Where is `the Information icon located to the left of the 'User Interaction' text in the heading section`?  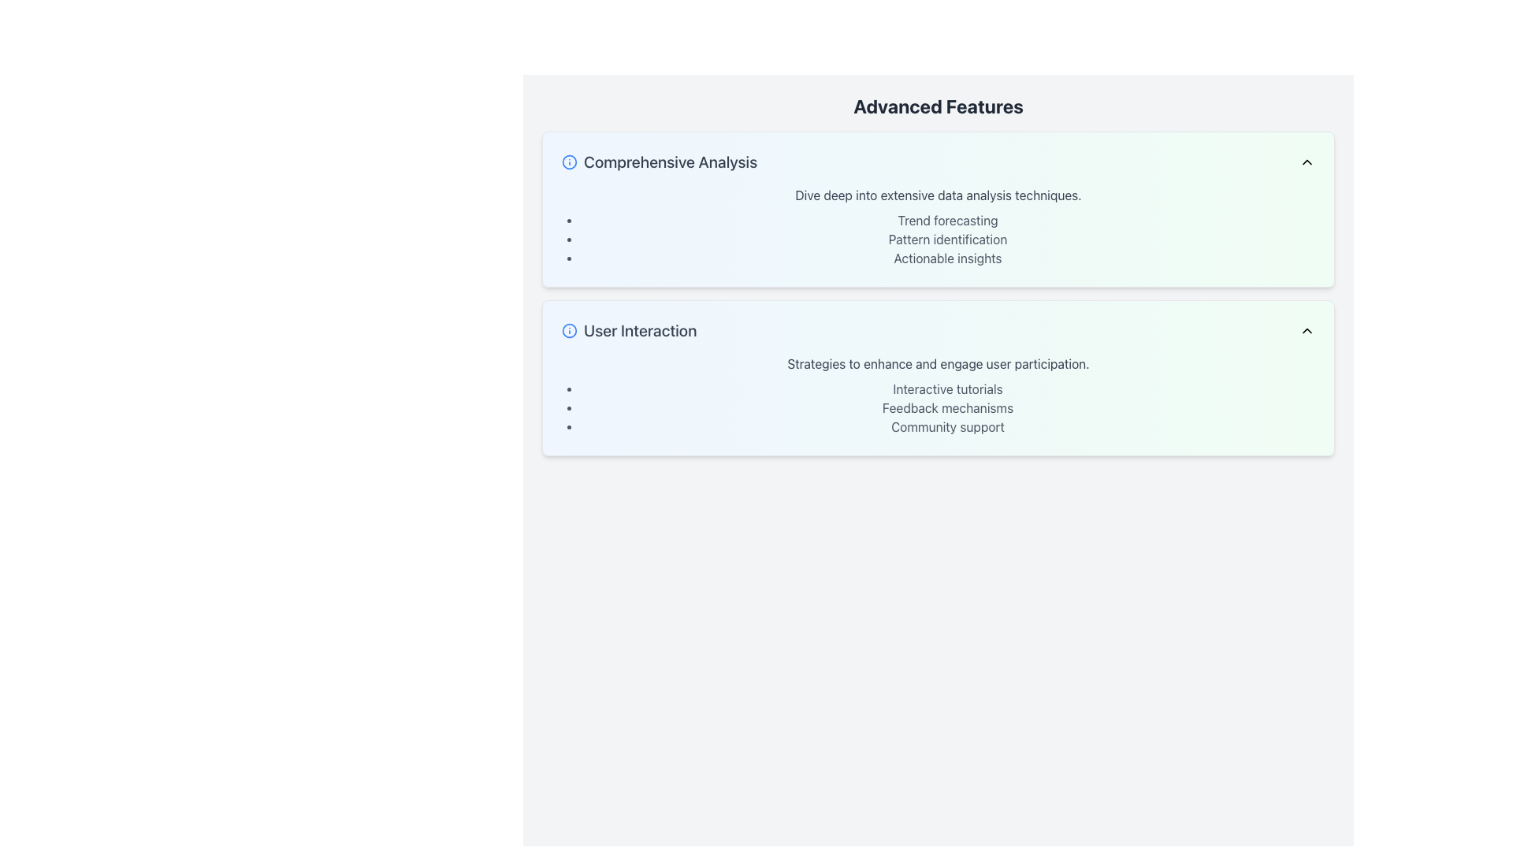
the Information icon located to the left of the 'User Interaction' text in the heading section is located at coordinates (569, 330).